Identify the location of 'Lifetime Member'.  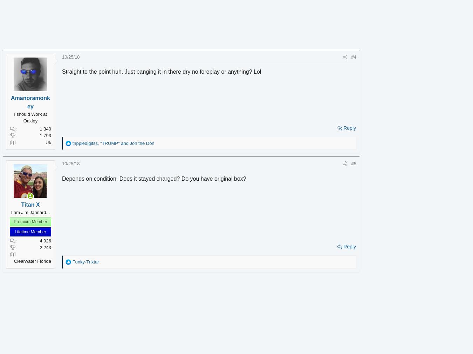
(40, 231).